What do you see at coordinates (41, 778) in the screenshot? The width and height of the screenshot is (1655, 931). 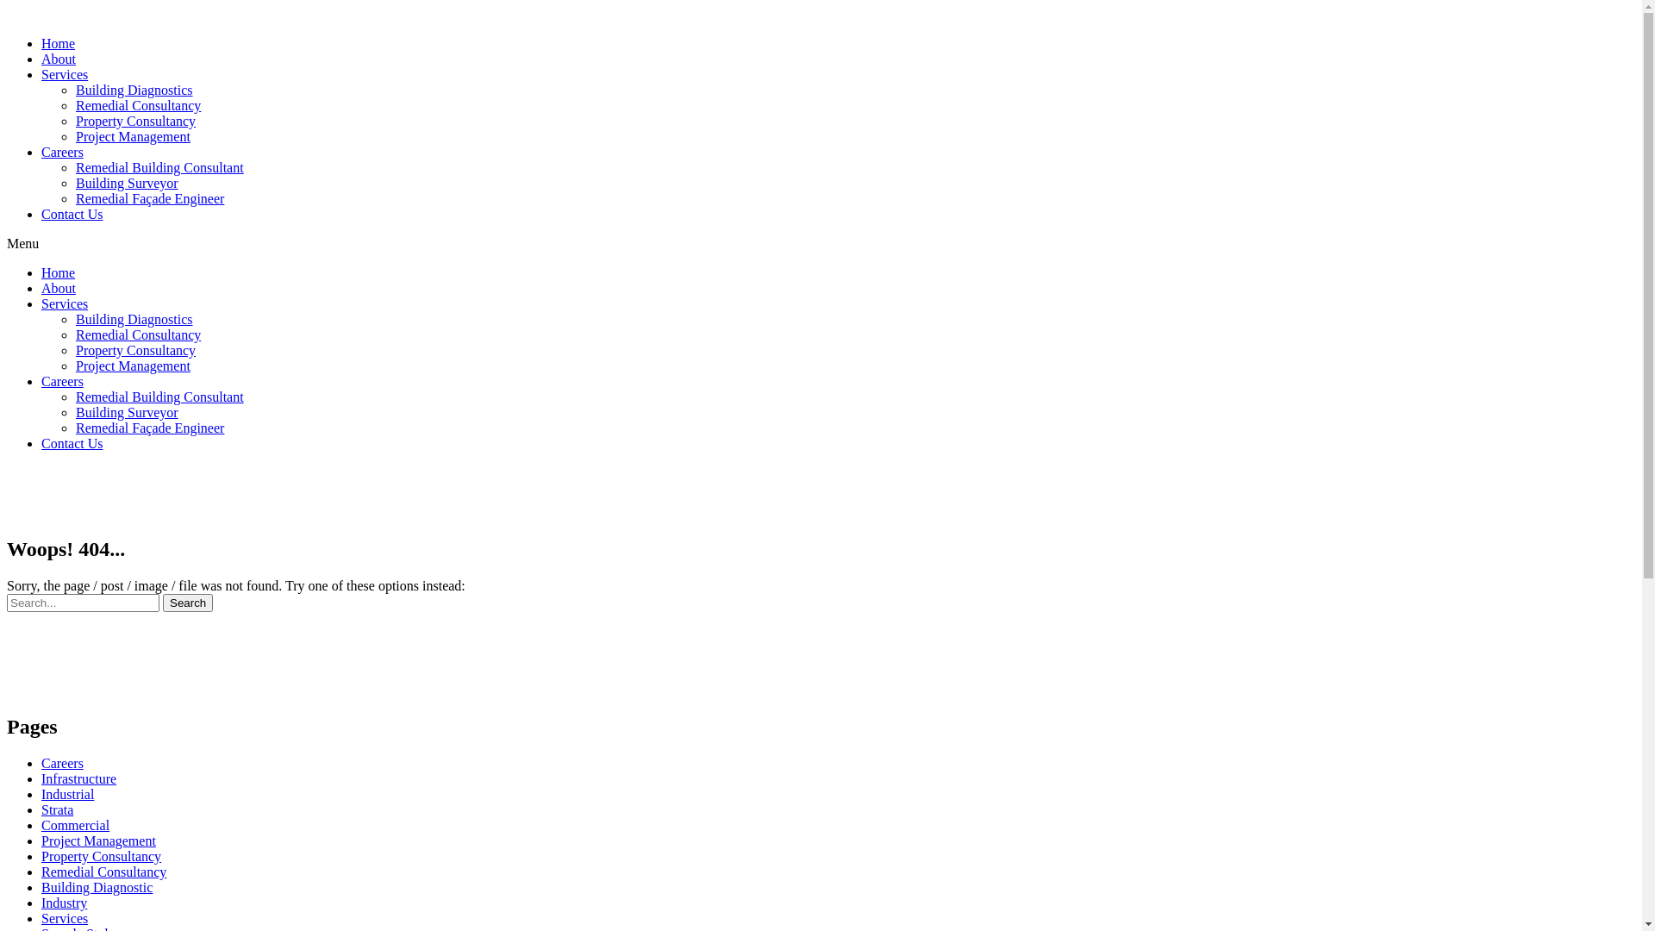 I see `'Infrastructure'` at bounding box center [41, 778].